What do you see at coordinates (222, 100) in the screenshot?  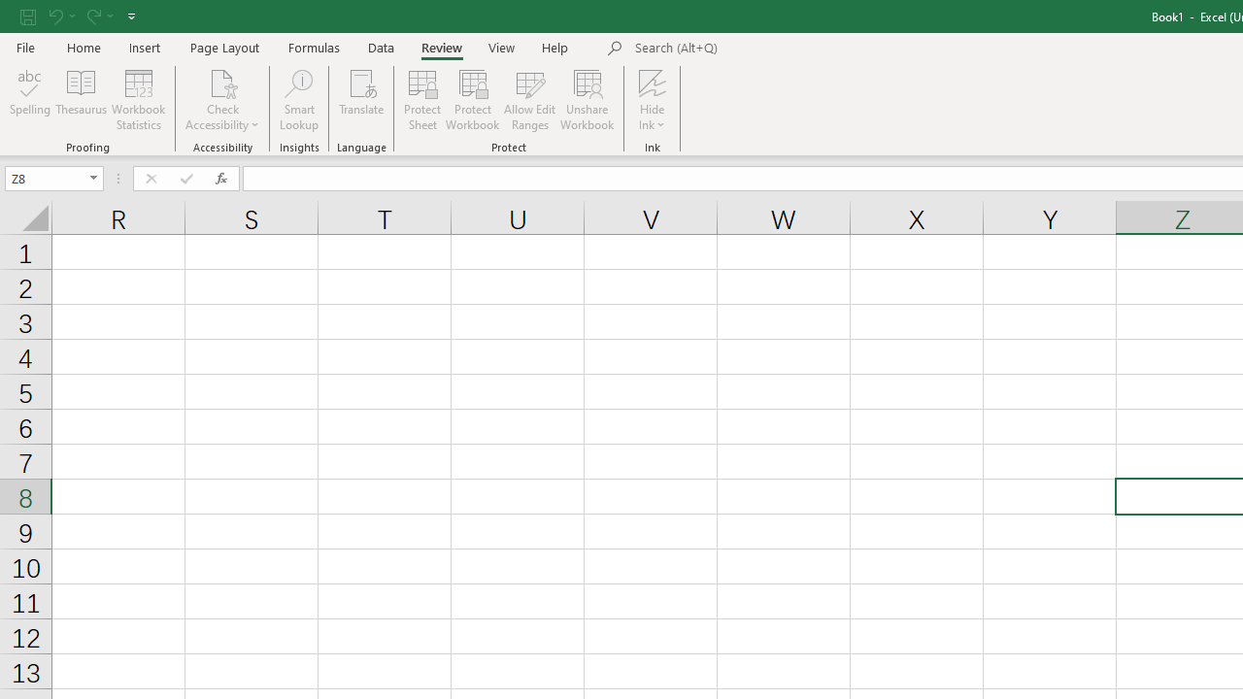 I see `'Check Accessibility'` at bounding box center [222, 100].